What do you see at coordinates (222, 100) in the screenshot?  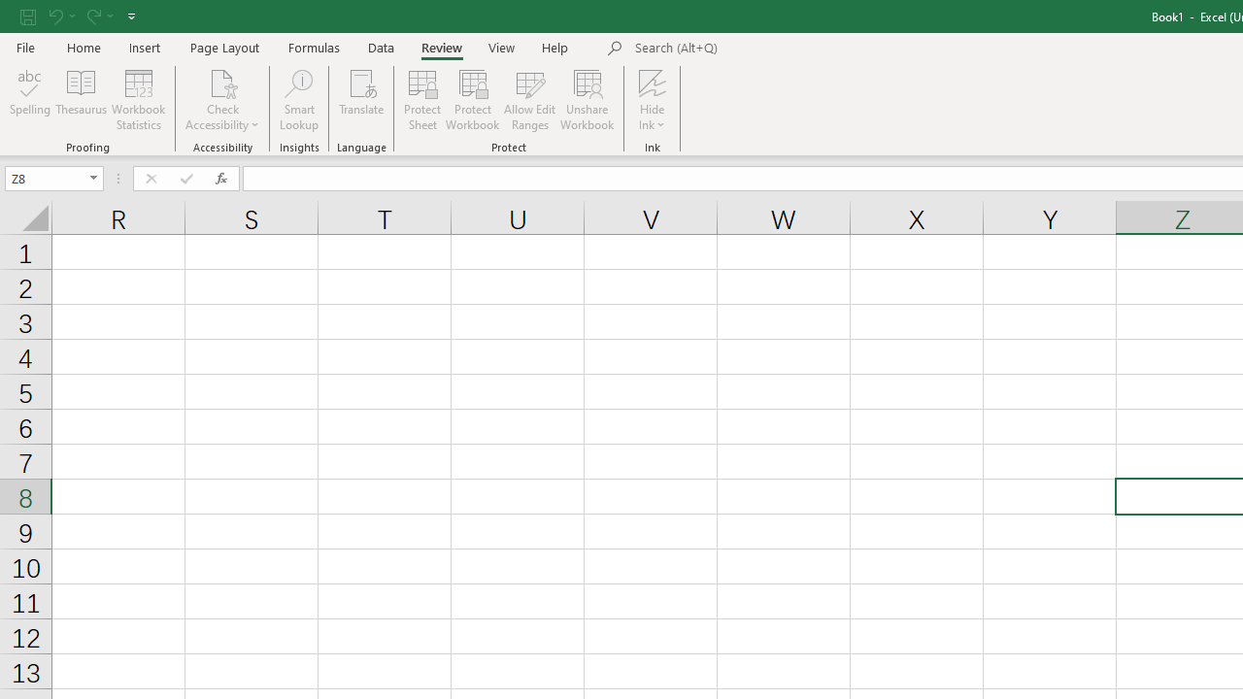 I see `'Check Accessibility'` at bounding box center [222, 100].